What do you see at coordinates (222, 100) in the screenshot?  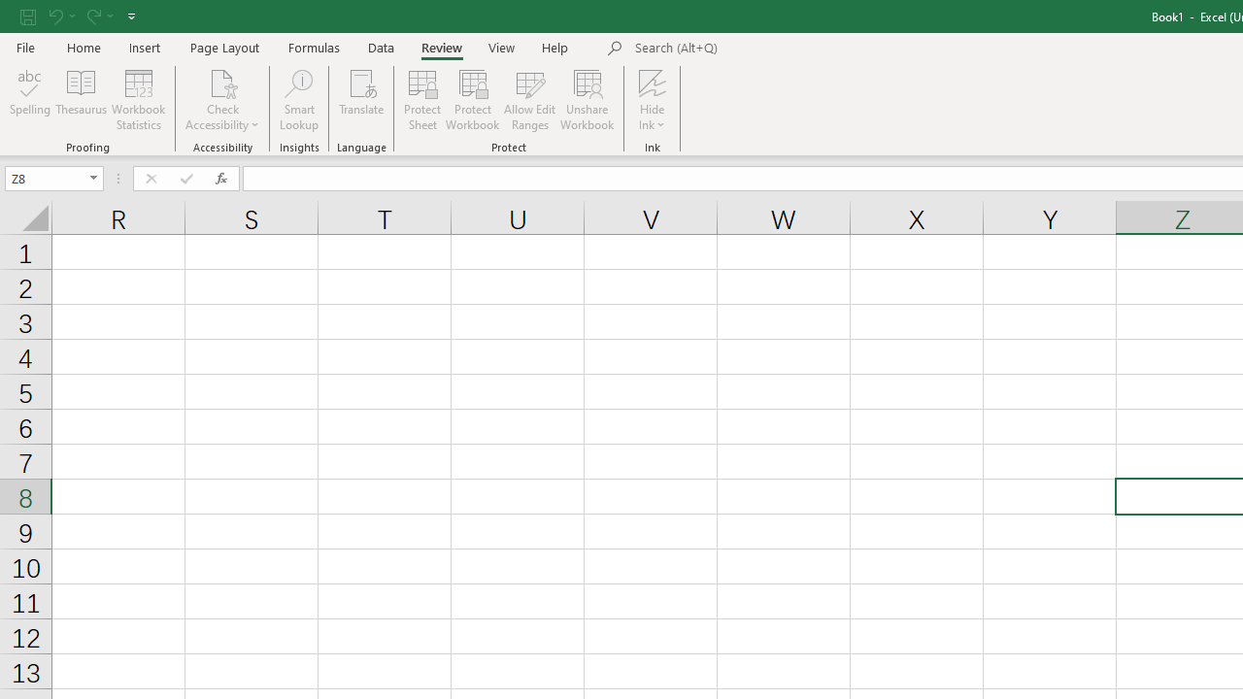 I see `'Check Accessibility'` at bounding box center [222, 100].